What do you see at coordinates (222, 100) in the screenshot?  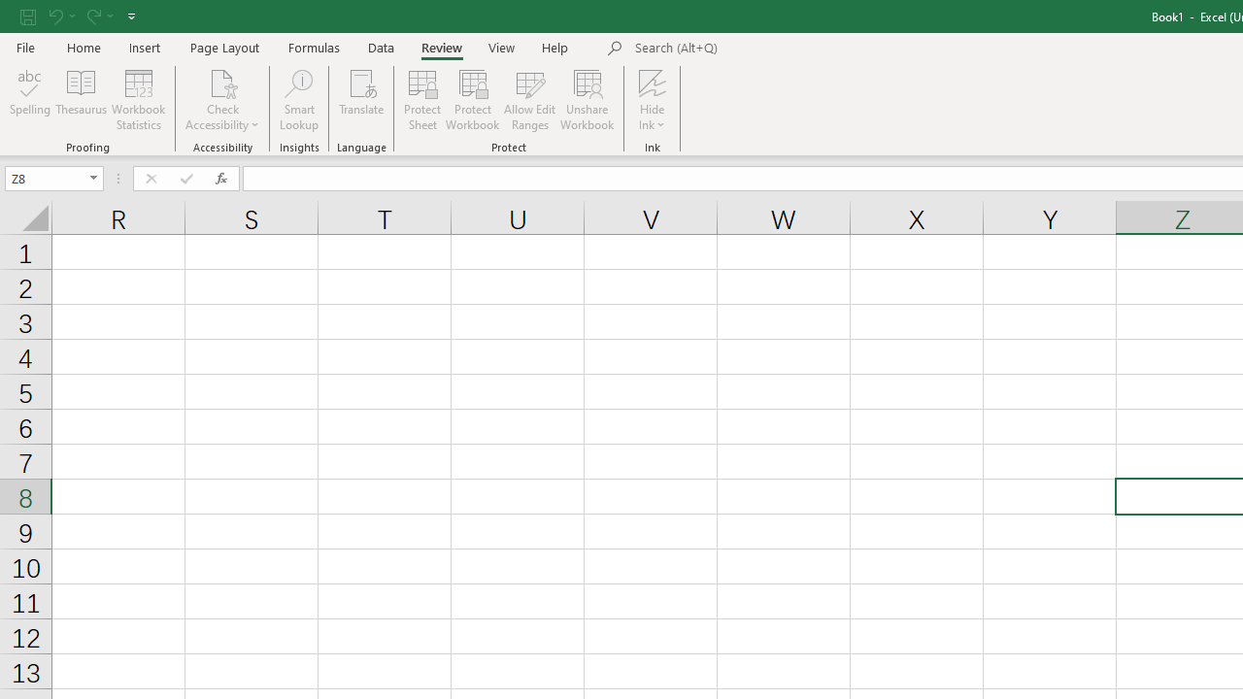 I see `'Check Accessibility'` at bounding box center [222, 100].